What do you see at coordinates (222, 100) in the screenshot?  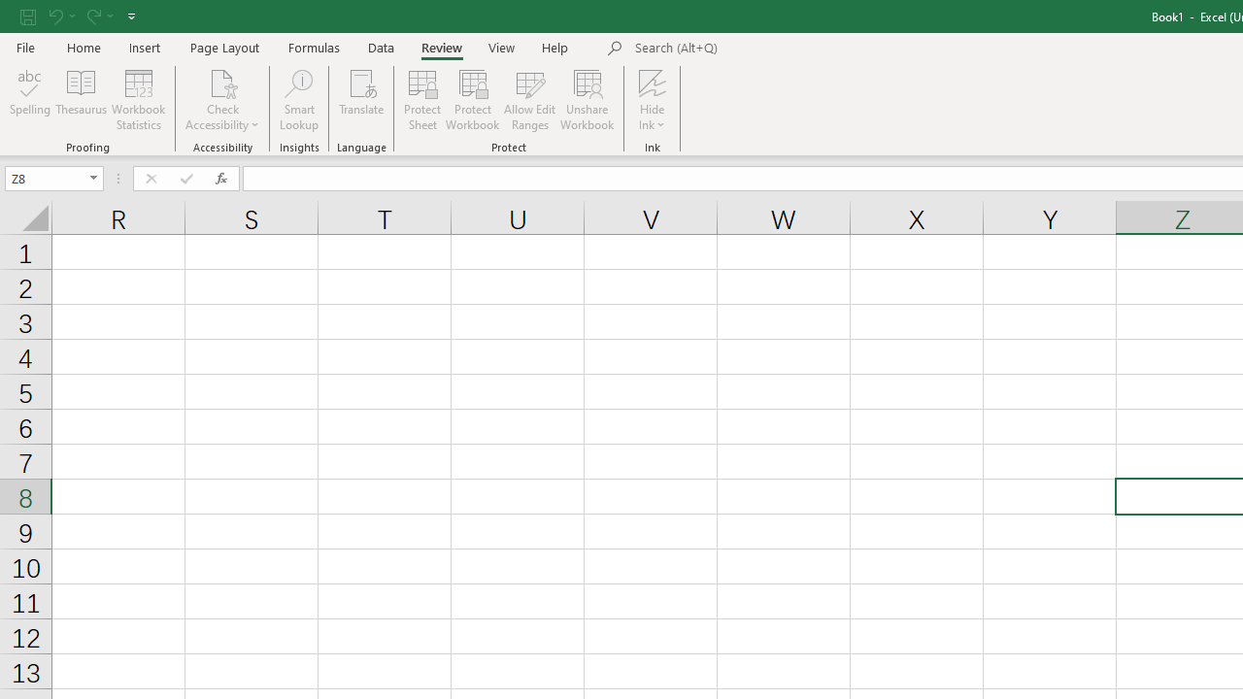 I see `'Check Accessibility'` at bounding box center [222, 100].